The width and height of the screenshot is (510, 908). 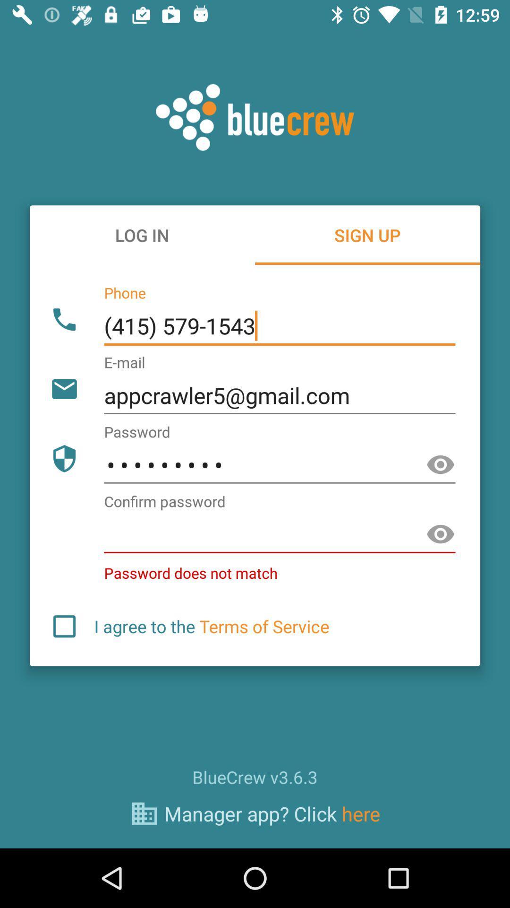 I want to click on make a binary choice, so click(x=64, y=626).